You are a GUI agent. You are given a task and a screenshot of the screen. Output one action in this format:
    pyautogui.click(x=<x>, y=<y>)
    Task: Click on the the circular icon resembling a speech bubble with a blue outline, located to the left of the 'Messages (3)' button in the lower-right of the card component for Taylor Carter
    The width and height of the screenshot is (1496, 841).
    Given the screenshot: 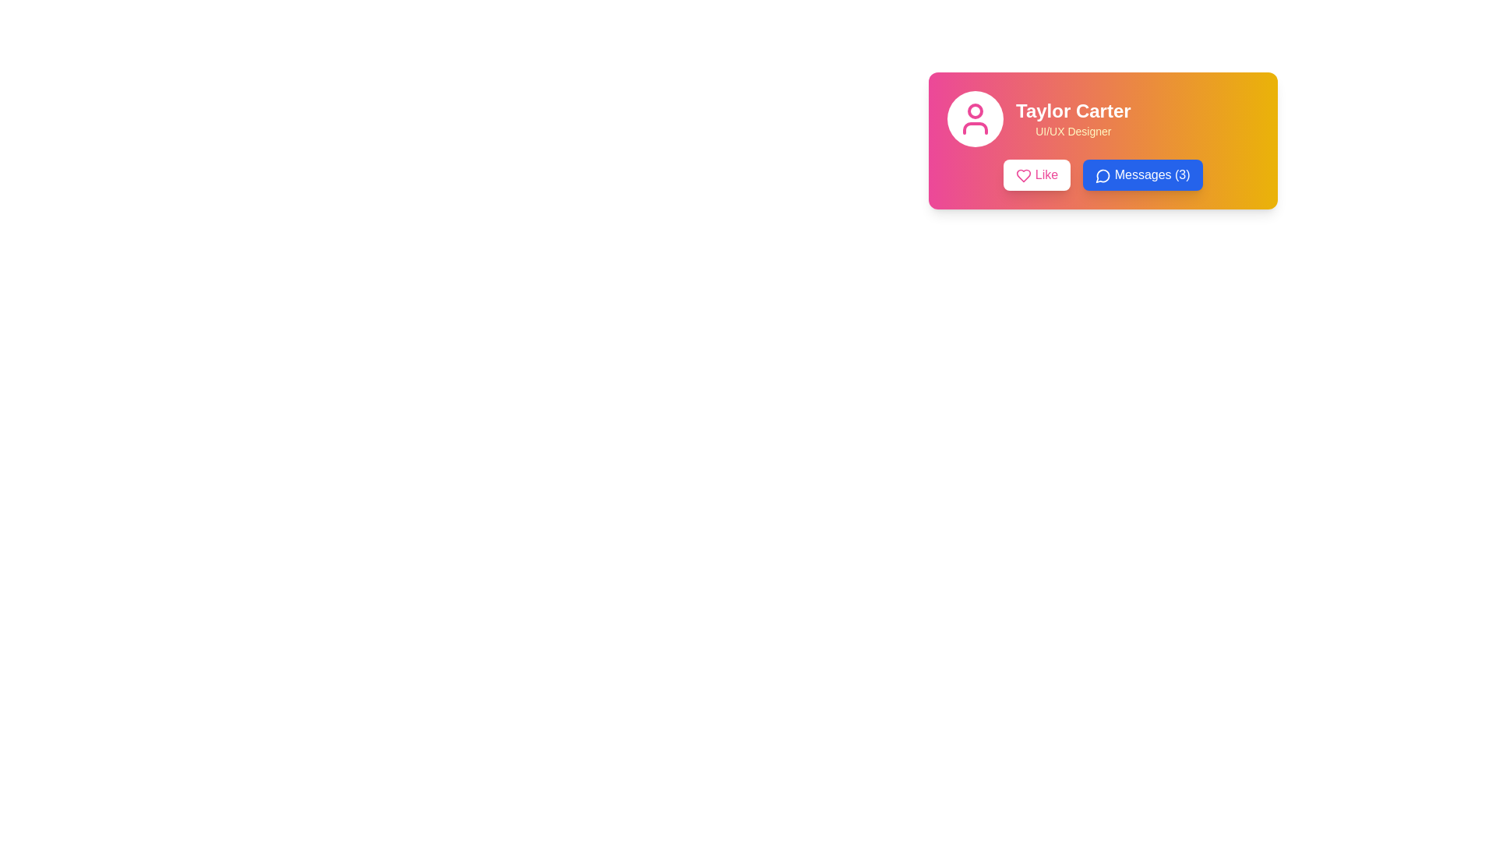 What is the action you would take?
    pyautogui.click(x=1103, y=175)
    